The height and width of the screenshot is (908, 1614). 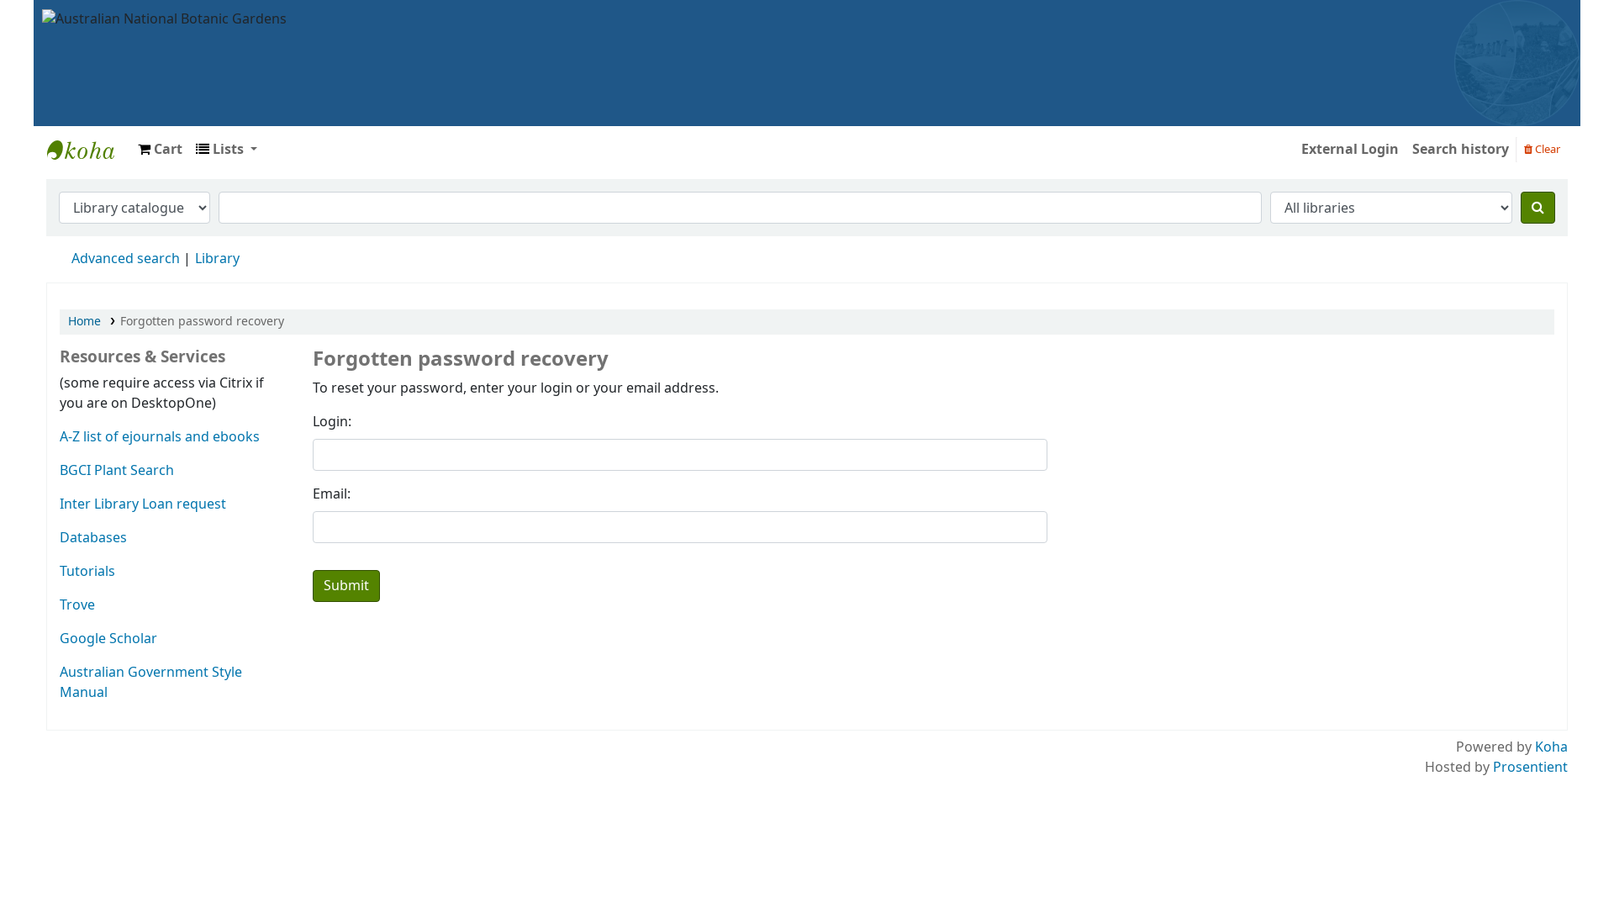 I want to click on 'Prosentient', so click(x=1530, y=768).